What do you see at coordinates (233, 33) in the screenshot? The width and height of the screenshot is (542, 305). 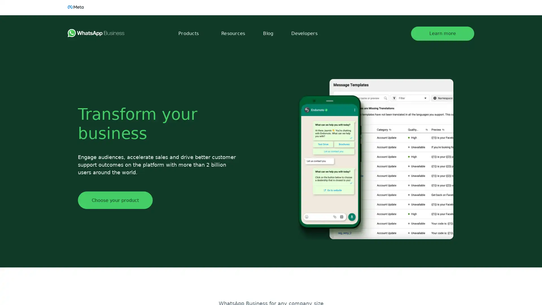 I see `Resources` at bounding box center [233, 33].